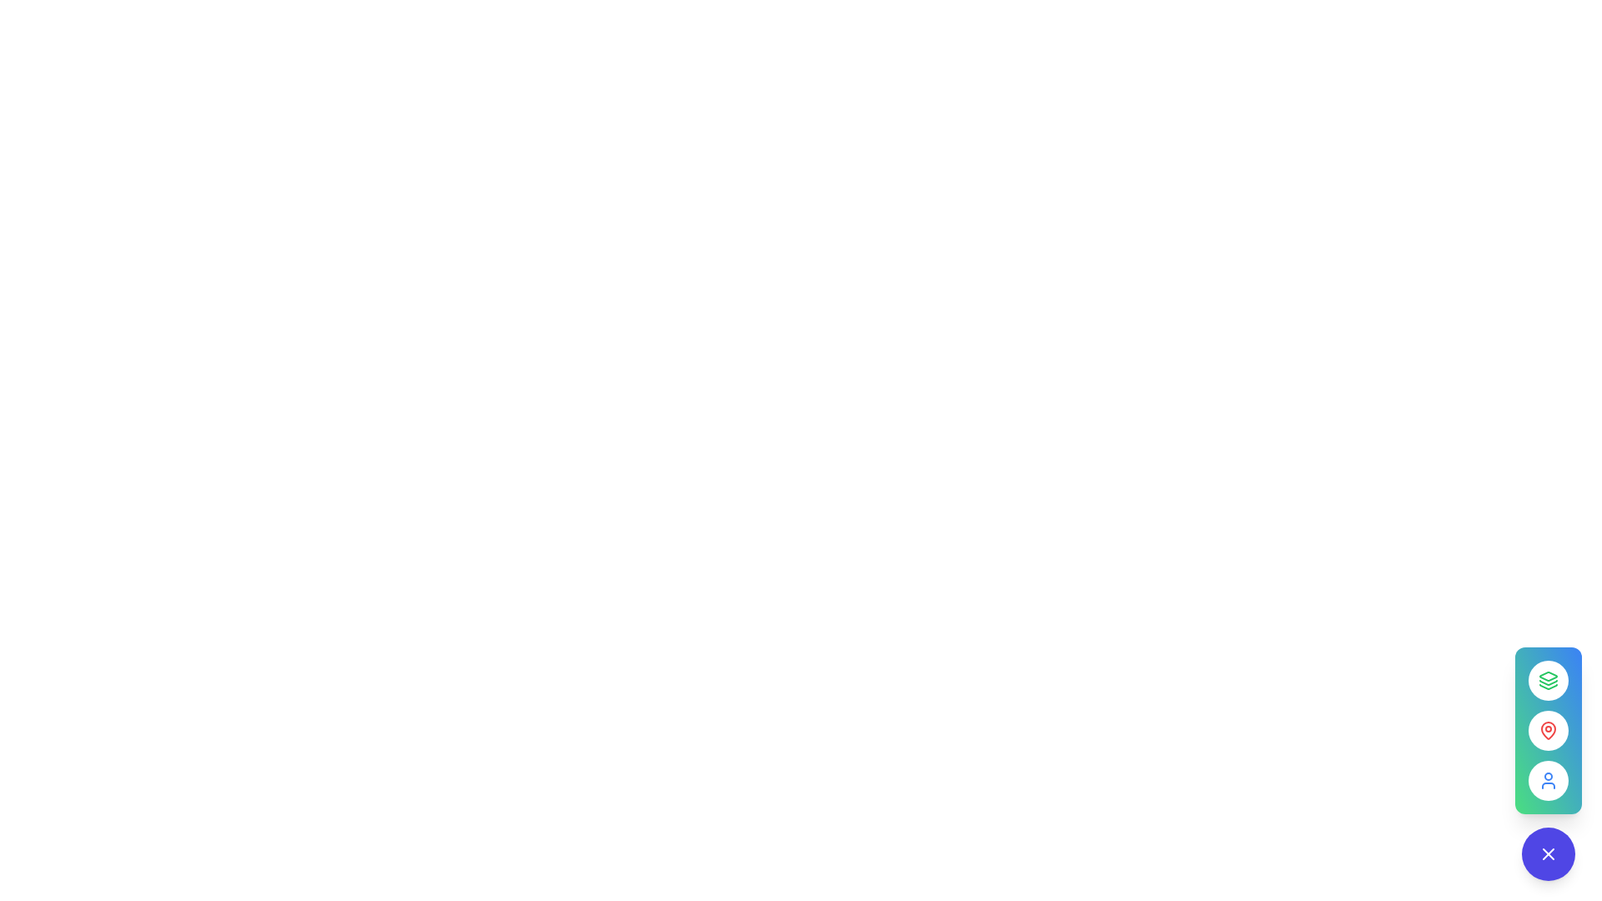  What do you see at coordinates (1548, 763) in the screenshot?
I see `the third circular button in the vertical arrangement below the green layers icon and the red location pin icon` at bounding box center [1548, 763].